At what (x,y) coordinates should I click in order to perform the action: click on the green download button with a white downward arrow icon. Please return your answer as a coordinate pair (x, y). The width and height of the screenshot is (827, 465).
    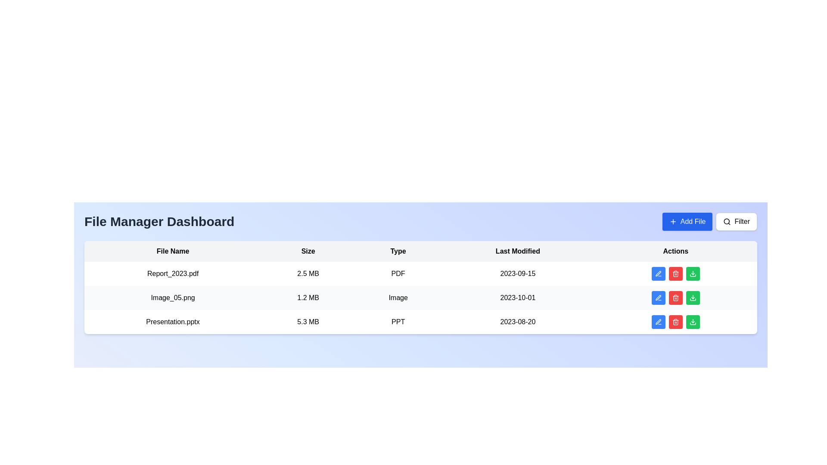
    Looking at the image, I should click on (693, 274).